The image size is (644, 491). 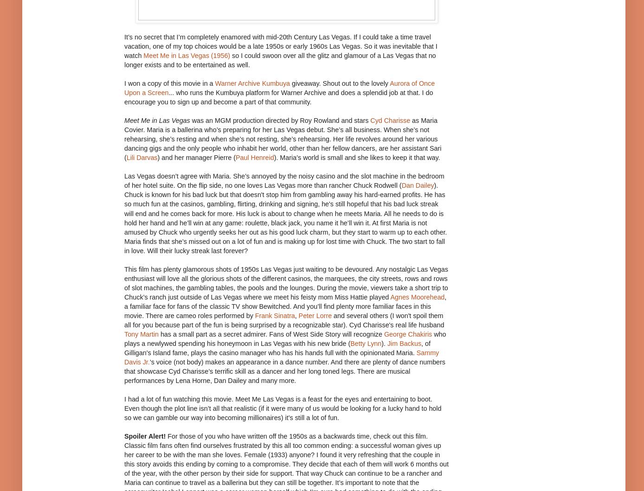 I want to click on 'giveaway. Shout out to the lovely', so click(x=290, y=83).